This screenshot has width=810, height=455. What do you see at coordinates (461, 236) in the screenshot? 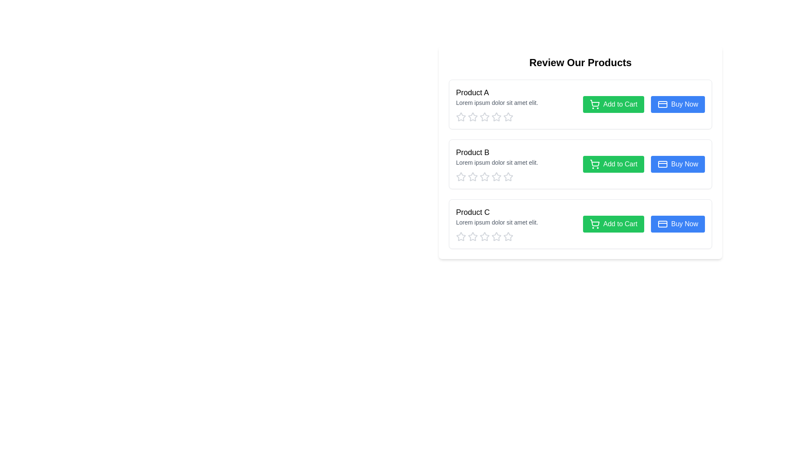
I see `the first star icon representing the rating for 'Product C'` at bounding box center [461, 236].